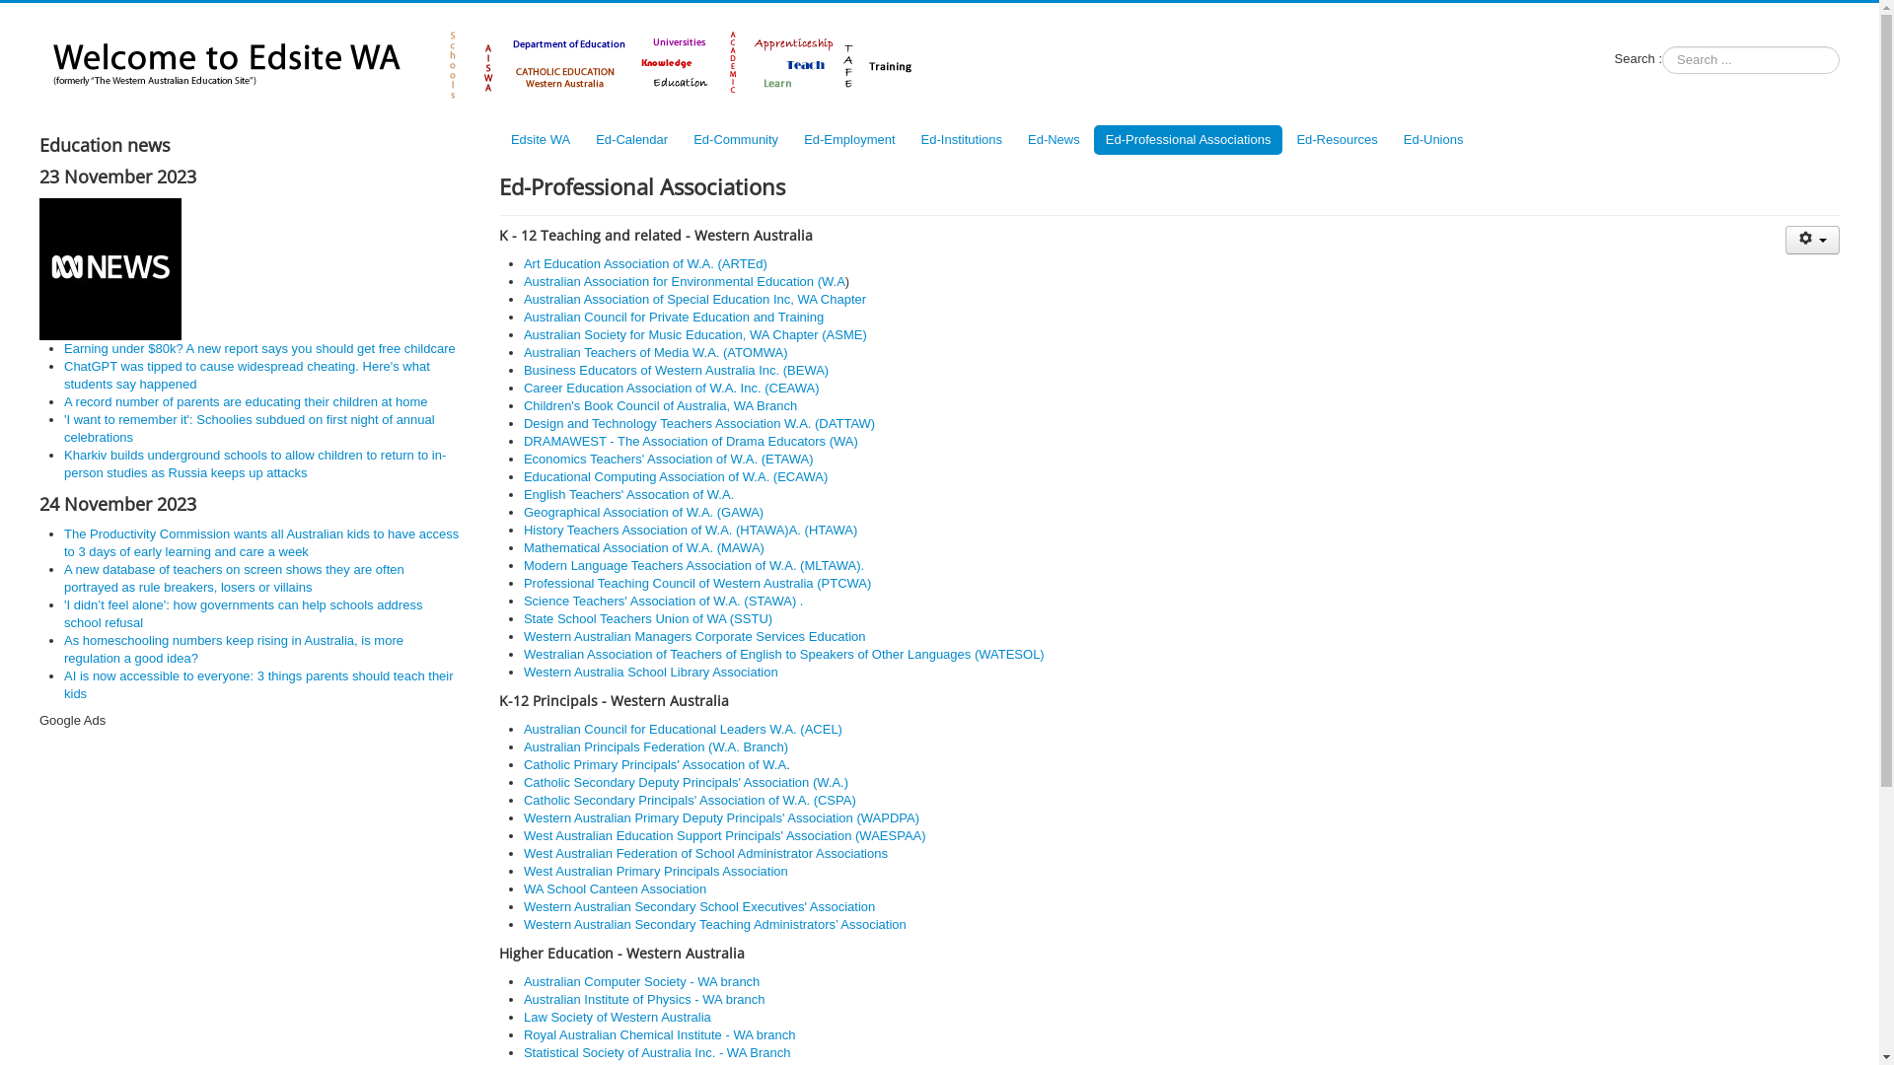 The image size is (1894, 1065). I want to click on 'Catholic Secondary Deputy Principals' Association (W.A.)', so click(686, 781).